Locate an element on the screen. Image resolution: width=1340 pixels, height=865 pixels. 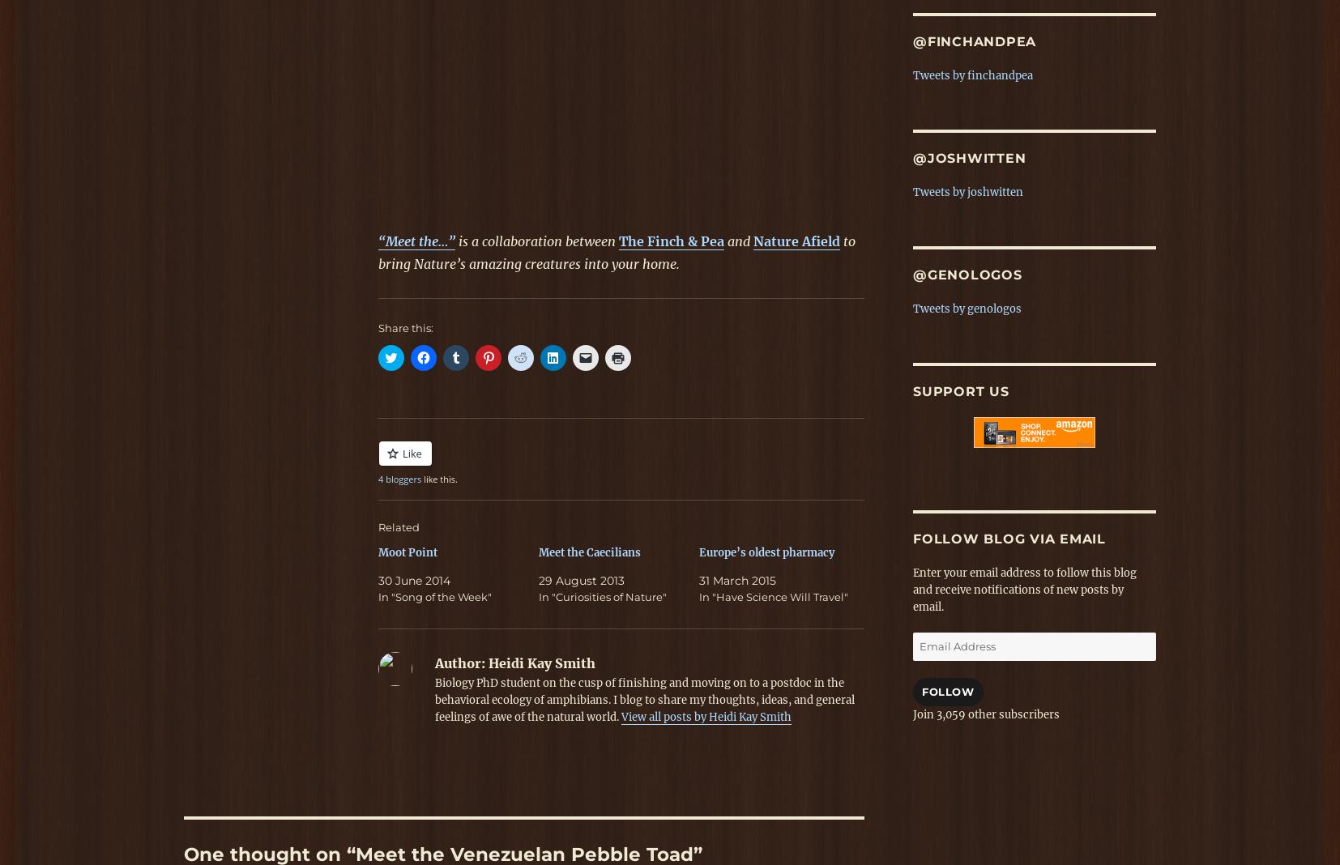
'31 March 2015' is located at coordinates (736, 580).